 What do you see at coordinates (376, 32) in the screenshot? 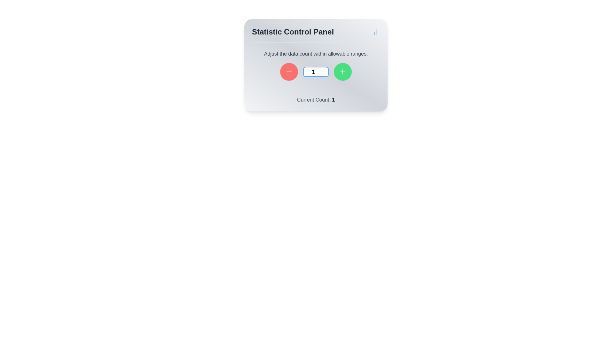
I see `the blue-colored chart icon with three vertical bars located in the upper-right corner of the 'Statistic Control Panel', adjacent to the title text` at bounding box center [376, 32].